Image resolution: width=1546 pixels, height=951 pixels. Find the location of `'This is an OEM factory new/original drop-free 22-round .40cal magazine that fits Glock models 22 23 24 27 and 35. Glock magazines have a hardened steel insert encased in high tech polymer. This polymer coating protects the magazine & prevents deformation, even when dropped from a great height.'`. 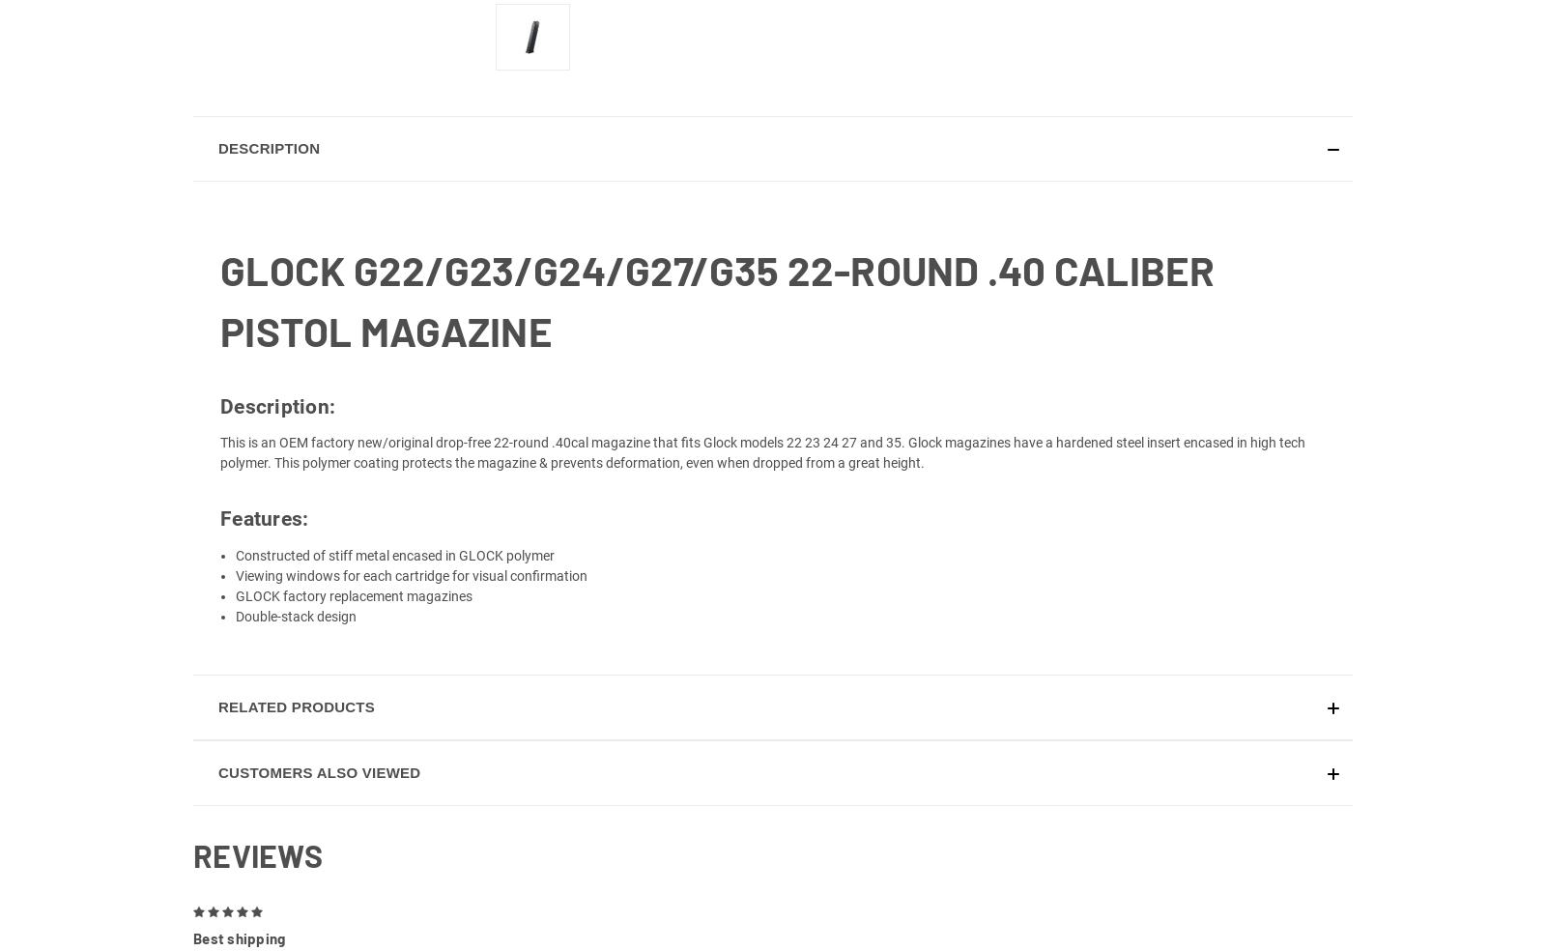

'This is an OEM factory new/original drop-free 22-round .40cal magazine that fits Glock models 22 23 24 27 and 35. Glock magazines have a hardened steel insert encased in high tech polymer. This polymer coating protects the magazine & prevents deformation, even when dropped from a great height.' is located at coordinates (219, 475).